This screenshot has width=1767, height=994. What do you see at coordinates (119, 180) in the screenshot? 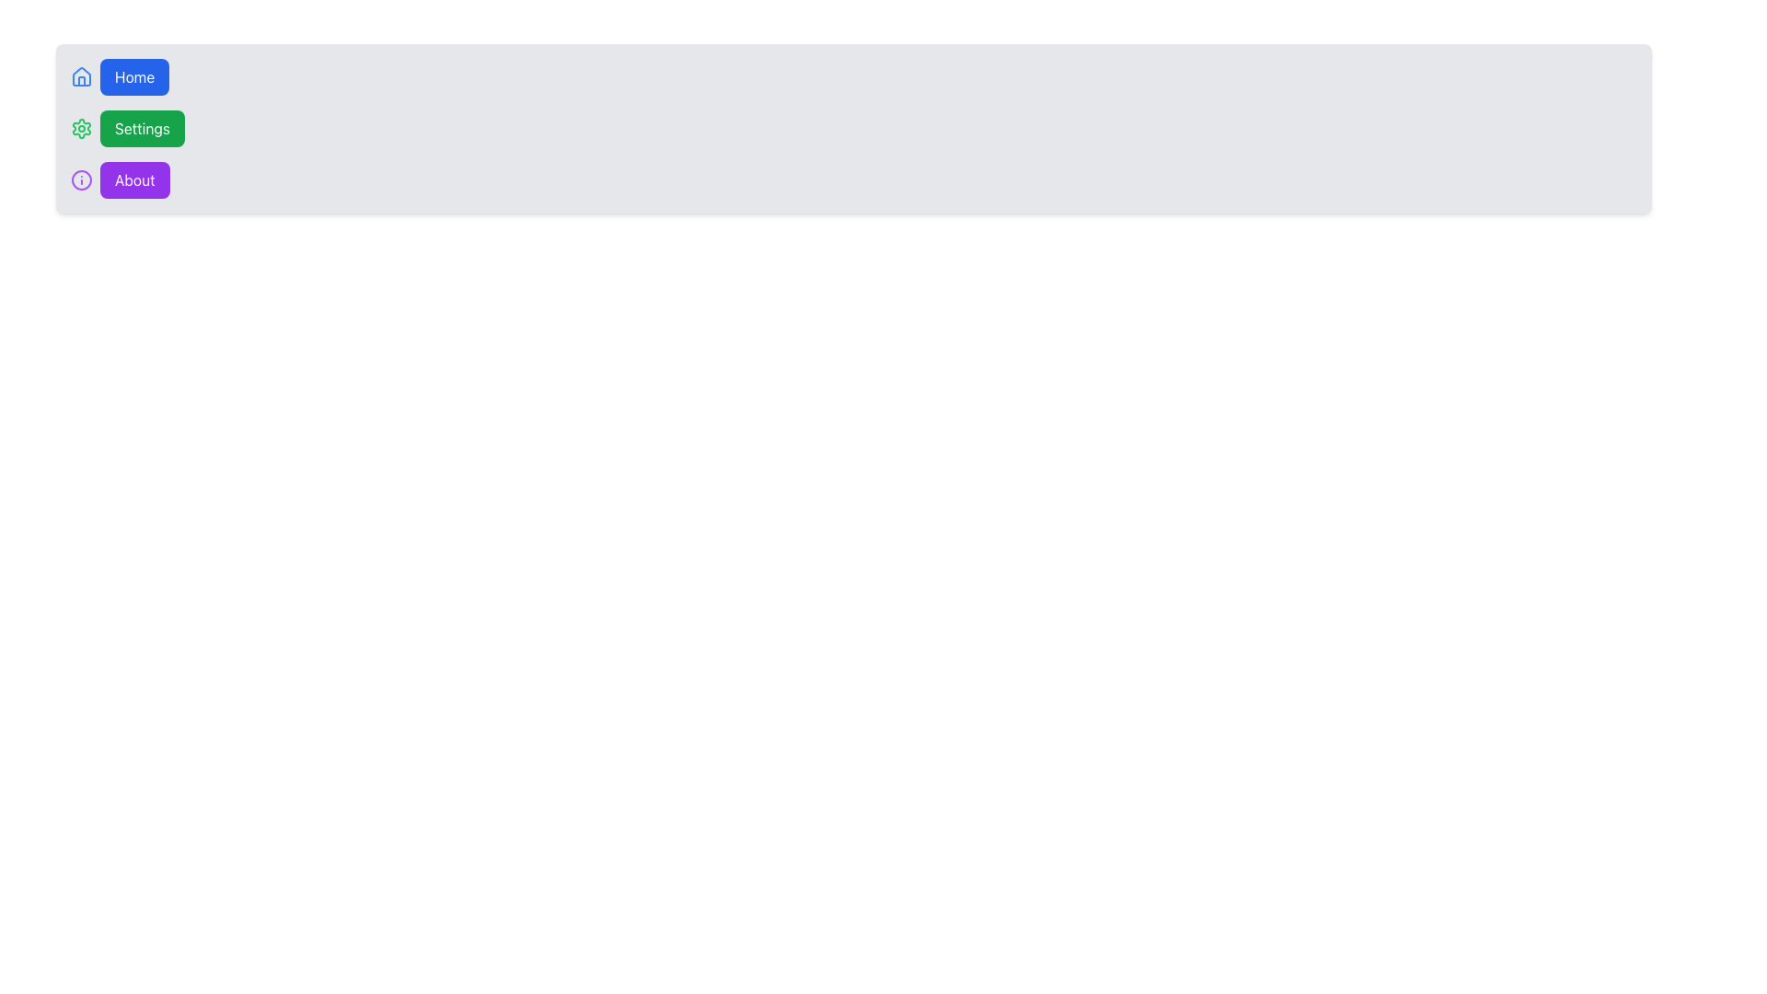
I see `the purple 'About' button with an information icon` at bounding box center [119, 180].